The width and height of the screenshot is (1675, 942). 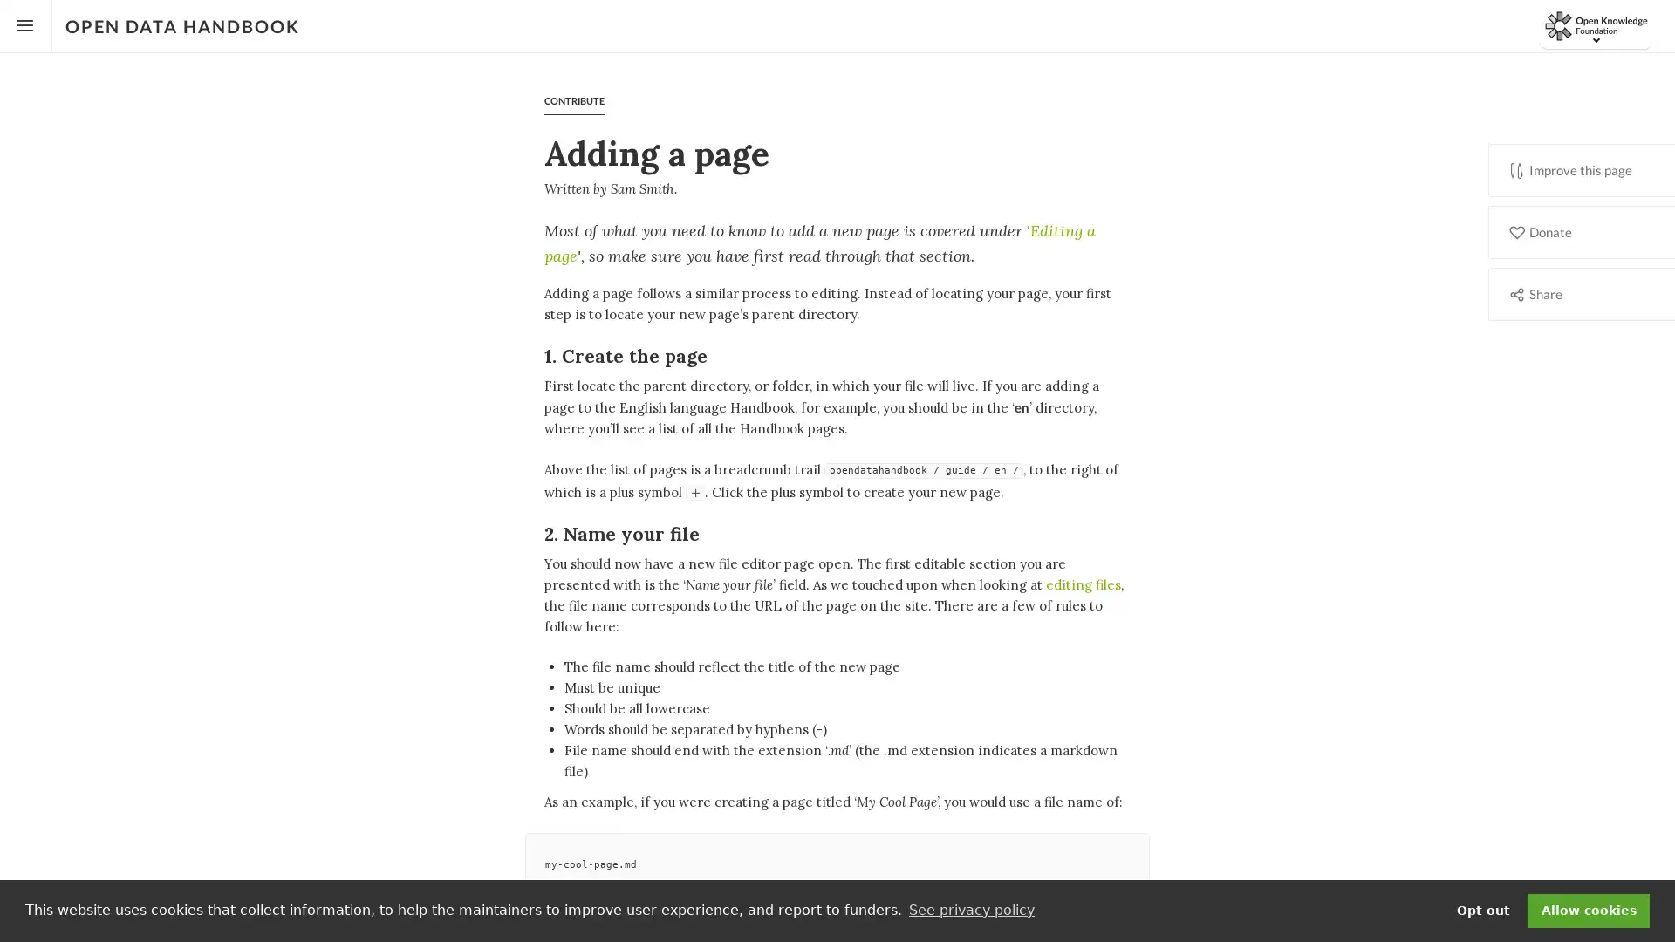 What do you see at coordinates (1481, 910) in the screenshot?
I see `deny cookies` at bounding box center [1481, 910].